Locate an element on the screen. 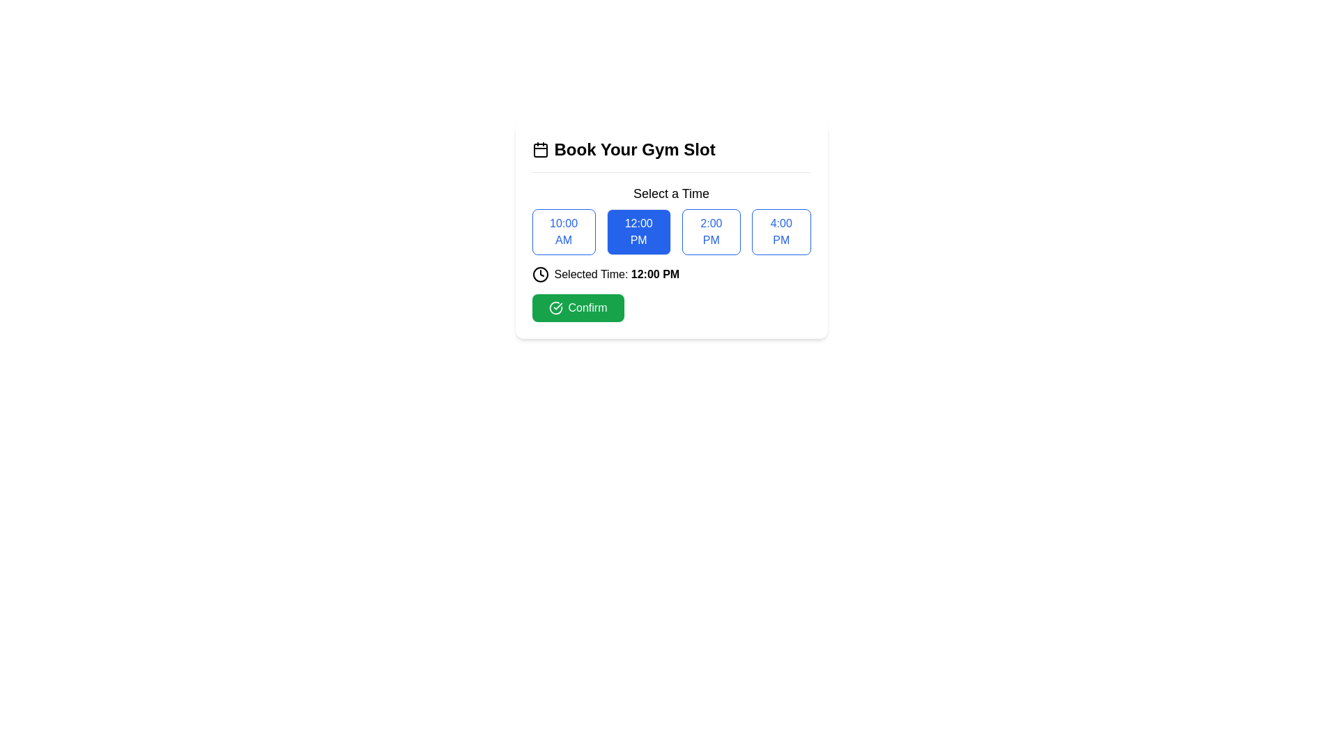  the button displaying '4:00 PM', which is the fourth button in a row of four buttons labeled with times is located at coordinates (781, 231).